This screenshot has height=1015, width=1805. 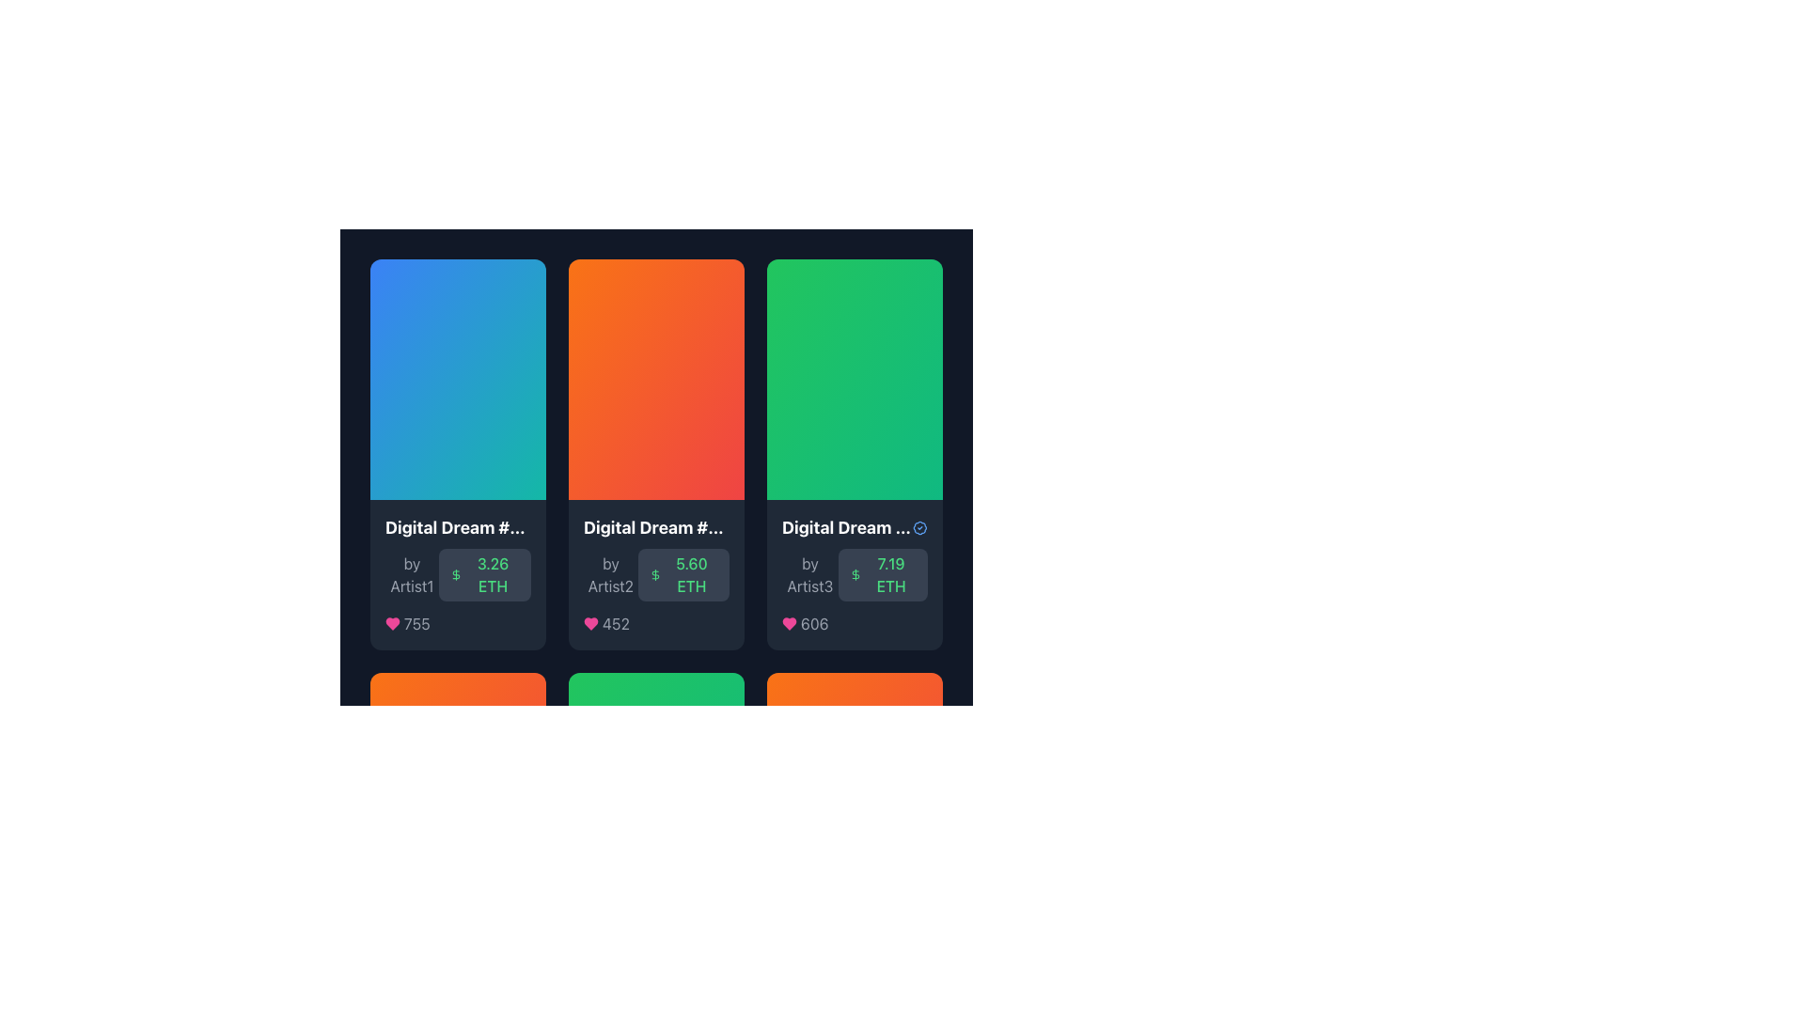 I want to click on the inner circular part of the badge icon located in the top-right corner of the third card in a horizontal list, which has a distinctive linear outline indicating status or achievement, so click(x=920, y=528).